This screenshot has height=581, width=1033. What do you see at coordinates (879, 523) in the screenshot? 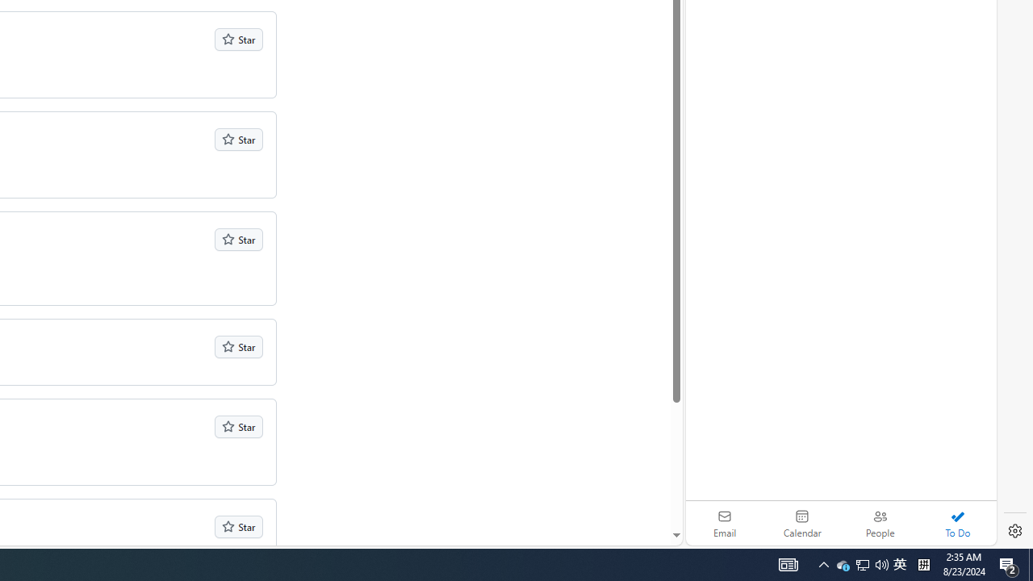
I see `'People'` at bounding box center [879, 523].